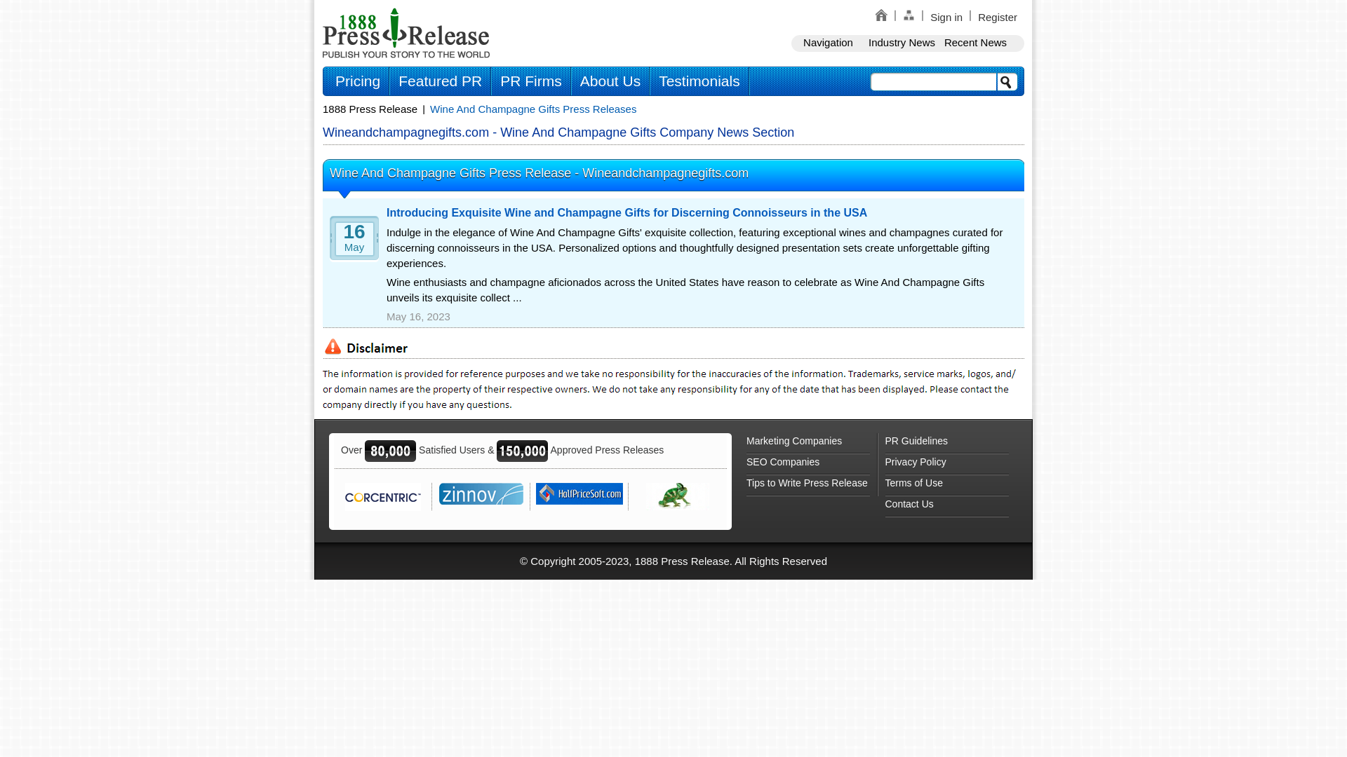 The height and width of the screenshot is (757, 1347). Describe the element at coordinates (974, 42) in the screenshot. I see `'Recent News'` at that location.